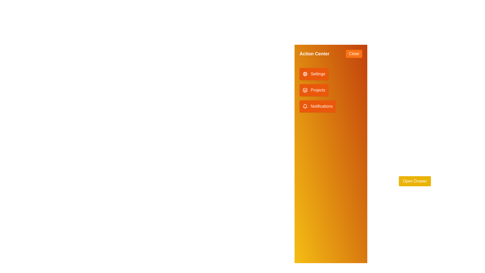 This screenshot has height=273, width=485. I want to click on 'Close' button to hide the drawer, so click(354, 54).